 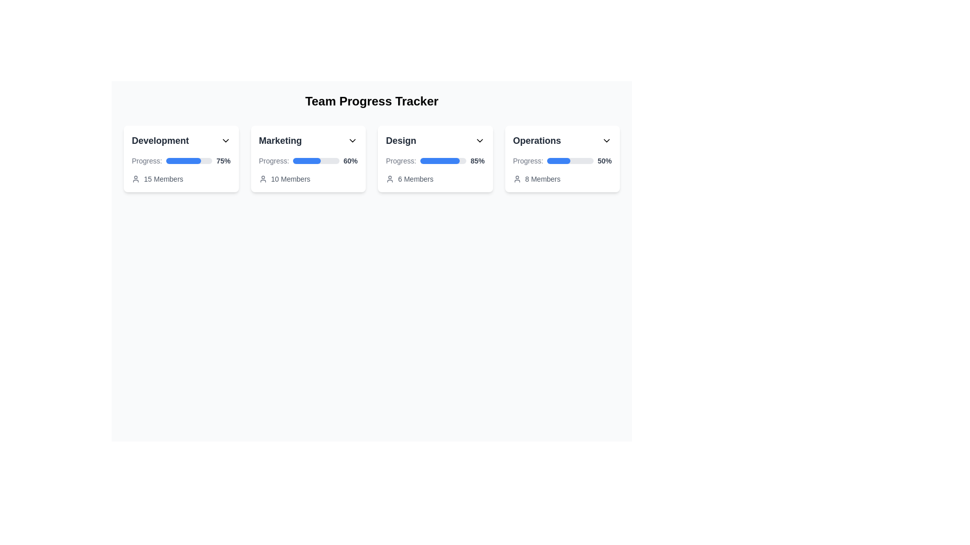 I want to click on the Progress bar that indicates 60% completion in the Marketing task, located between the 'Progress:' label and the '60%' percentage value, so click(x=316, y=160).